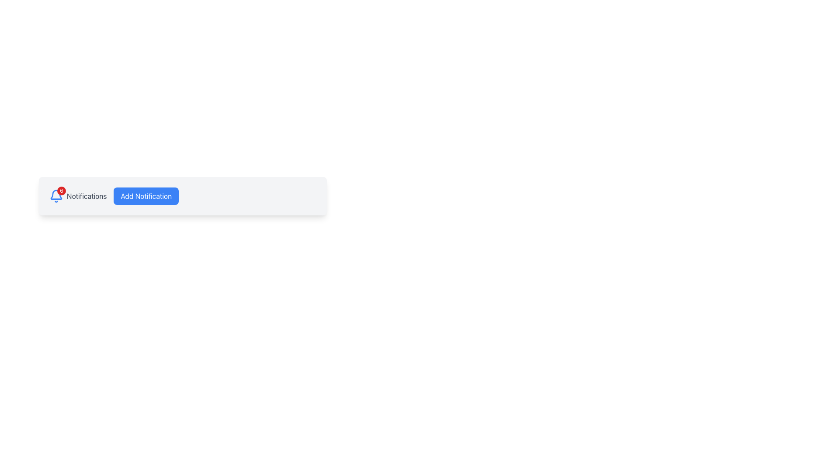 This screenshot has width=839, height=472. What do you see at coordinates (87, 195) in the screenshot?
I see `the 'Notifications' text label, which is styled in a gray sans-serif font and located next to a notification icon with a red badge showing '6'` at bounding box center [87, 195].